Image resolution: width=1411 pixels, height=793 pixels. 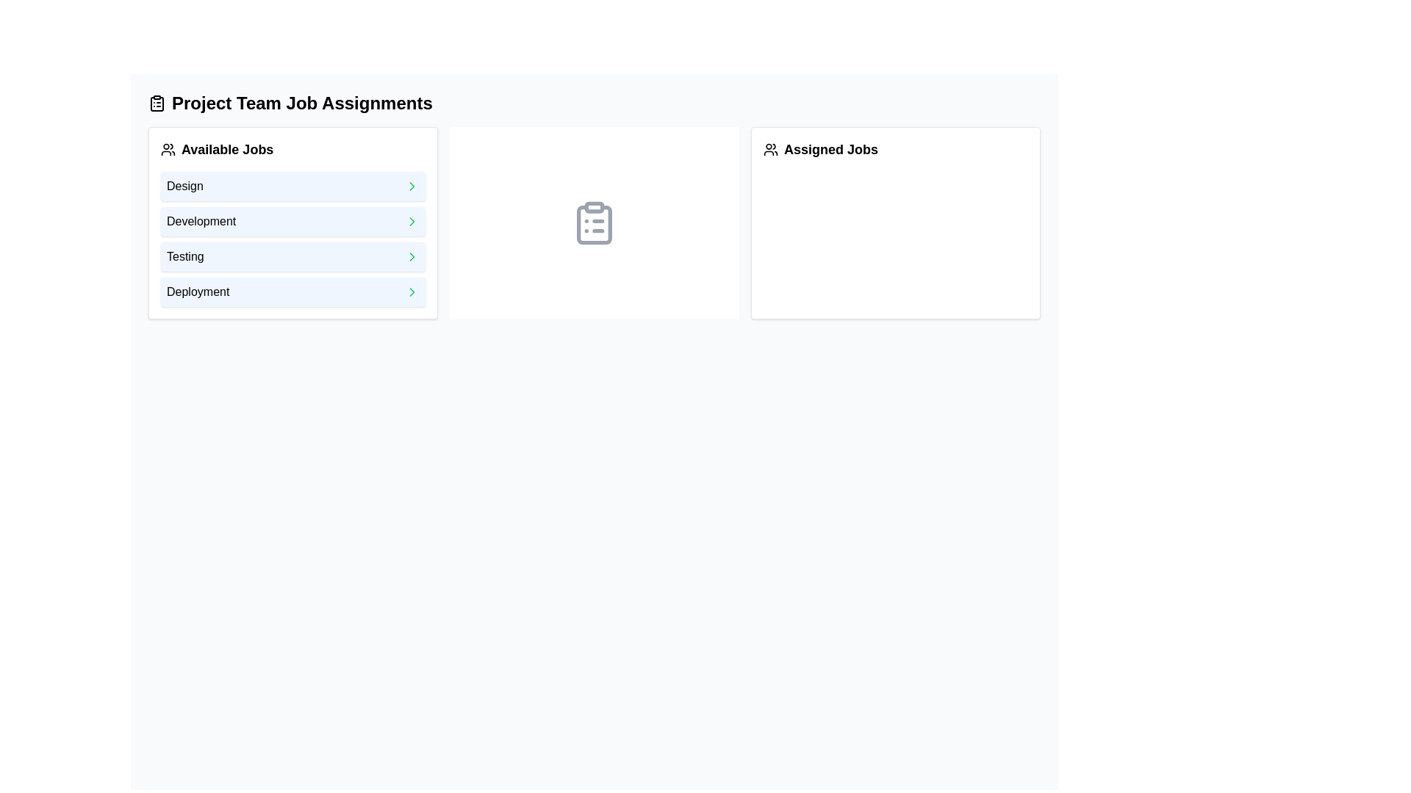 I want to click on the chevron icon on the right side of the 'Development' entry in the 'Available Jobs' list, so click(x=412, y=221).